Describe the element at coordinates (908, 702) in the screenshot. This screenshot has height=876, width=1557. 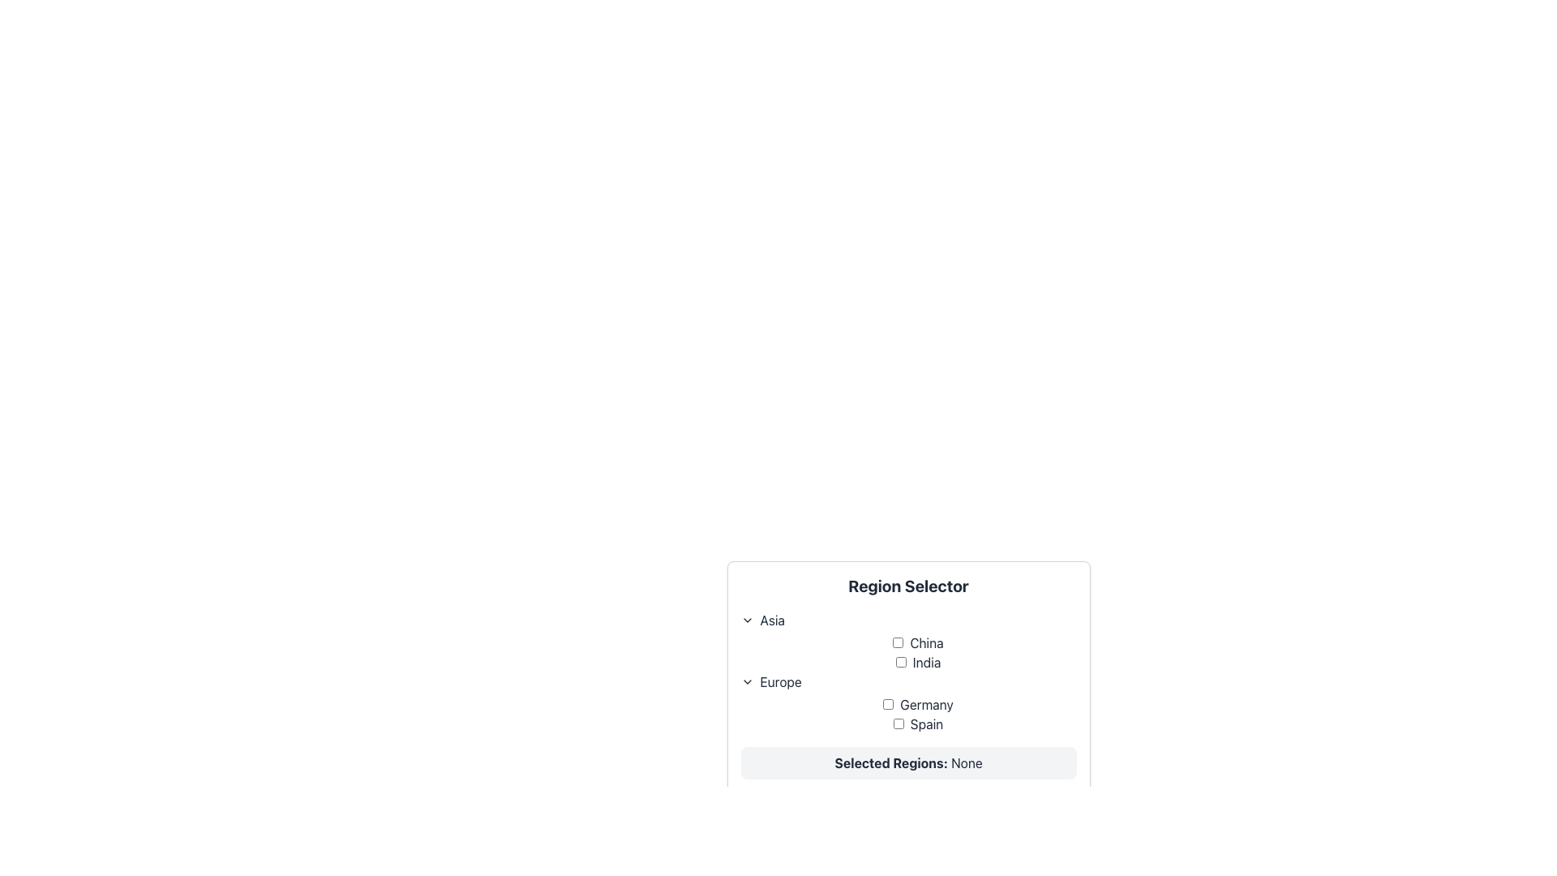
I see `the checkbox for selecting or deselecting the 'Germany' option located under the 'Europe' section in the region selector` at that location.